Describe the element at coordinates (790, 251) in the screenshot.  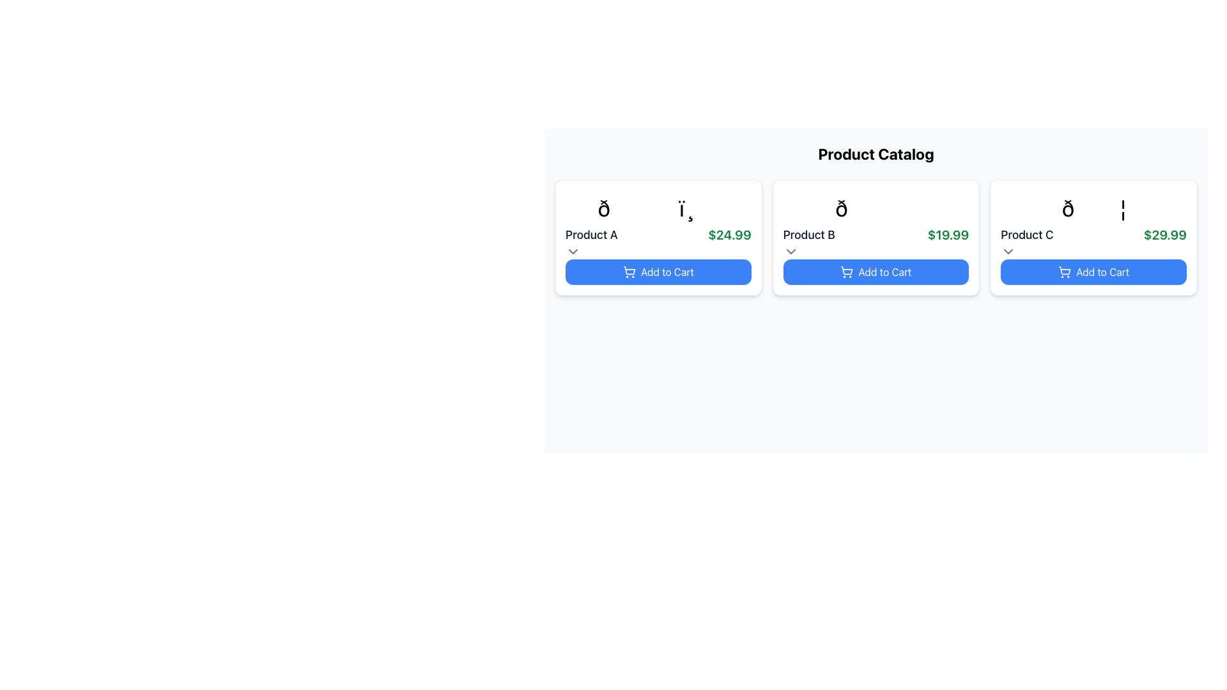
I see `the downward-pointing chevron icon located below the product title 'Product B'` at that location.